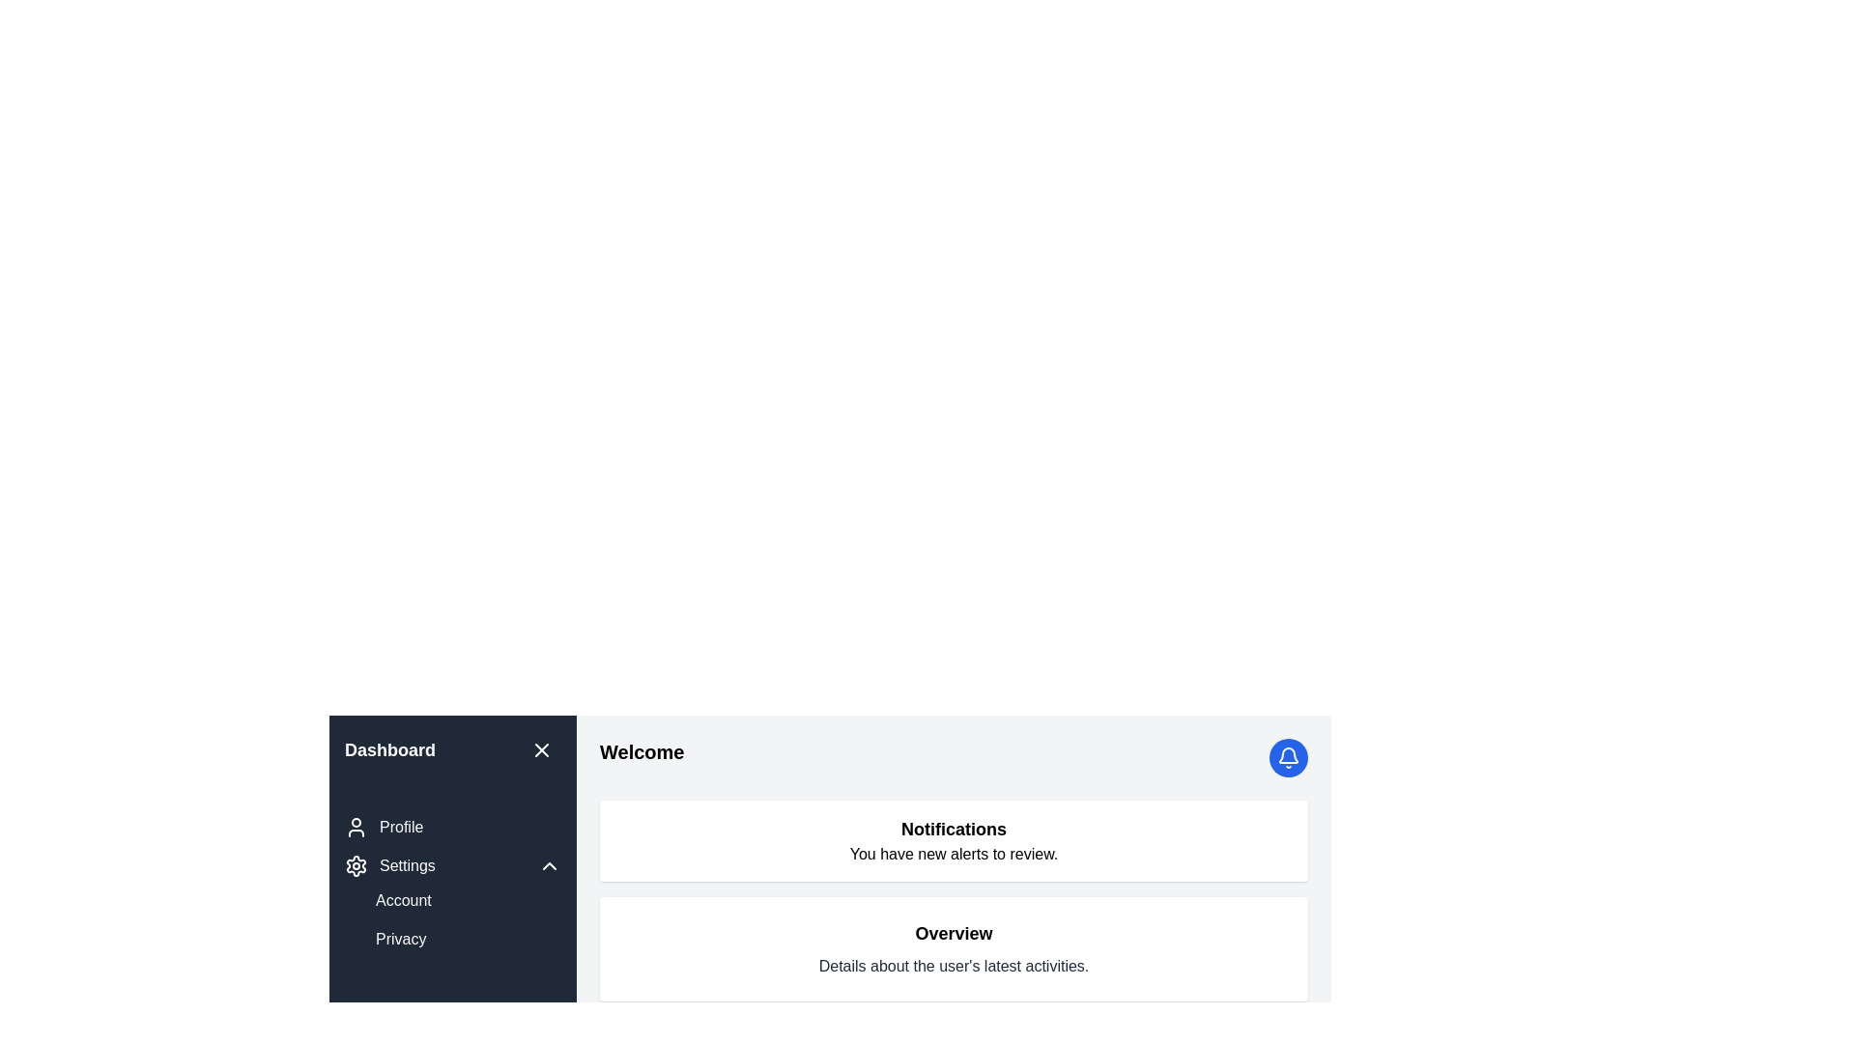  I want to click on the Decorative Icon located next to the 'Settings' label in the left navigation sidebar, which serves as a visual cue for the settings menu, so click(357, 865).